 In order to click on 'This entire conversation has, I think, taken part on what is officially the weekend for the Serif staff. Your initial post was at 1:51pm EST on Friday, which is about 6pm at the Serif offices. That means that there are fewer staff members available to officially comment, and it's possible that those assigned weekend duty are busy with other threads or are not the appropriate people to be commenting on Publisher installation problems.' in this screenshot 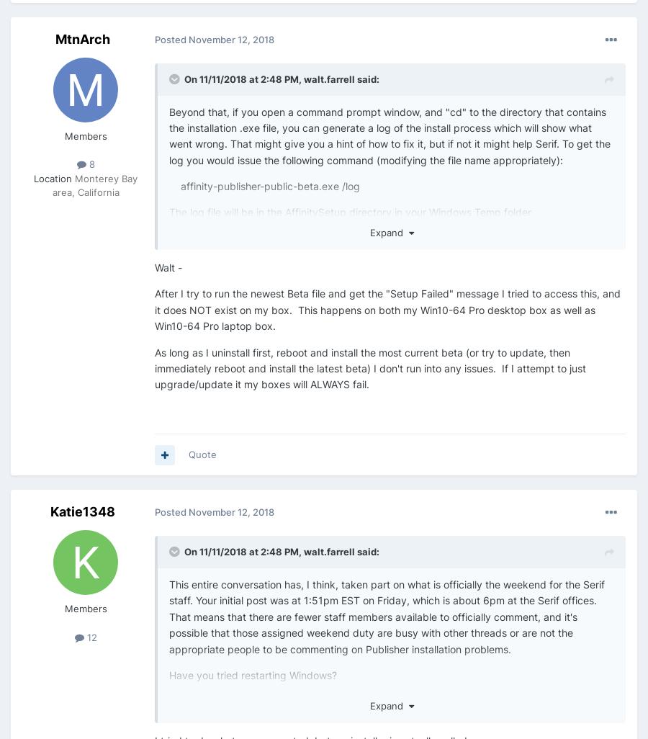, I will do `click(168, 616)`.